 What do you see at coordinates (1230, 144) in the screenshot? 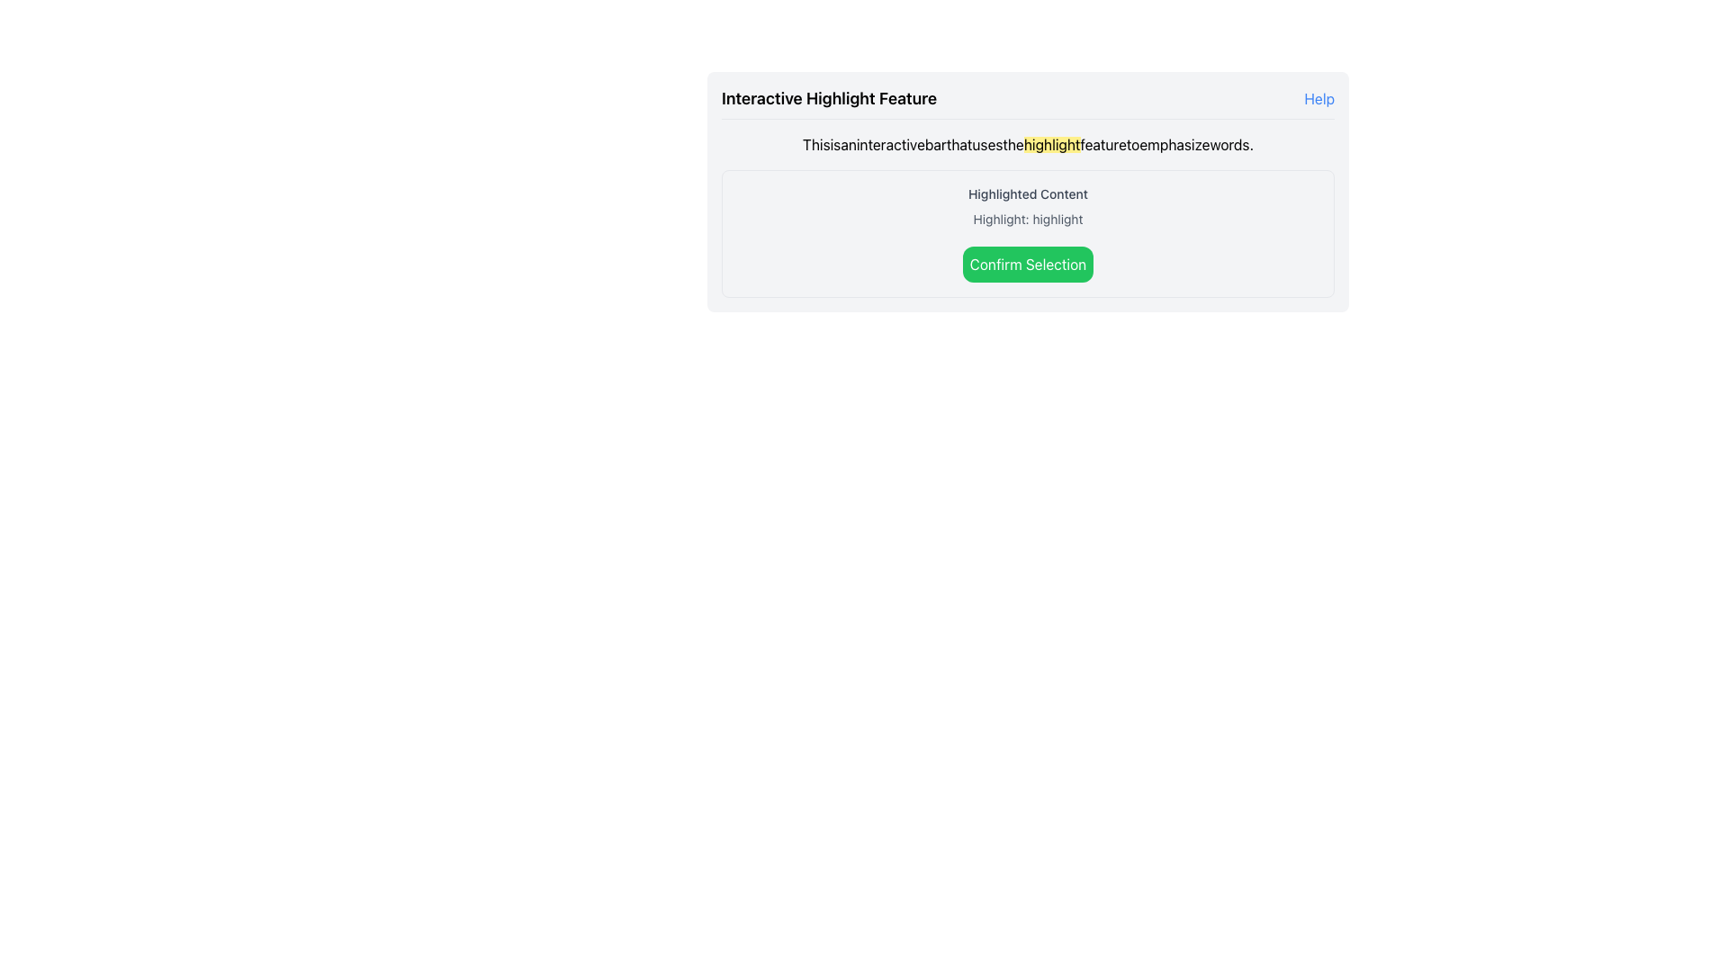
I see `the text display element containing the string 'words.' which is positioned at the end of a sentence, following the text 'emphasize'` at bounding box center [1230, 144].